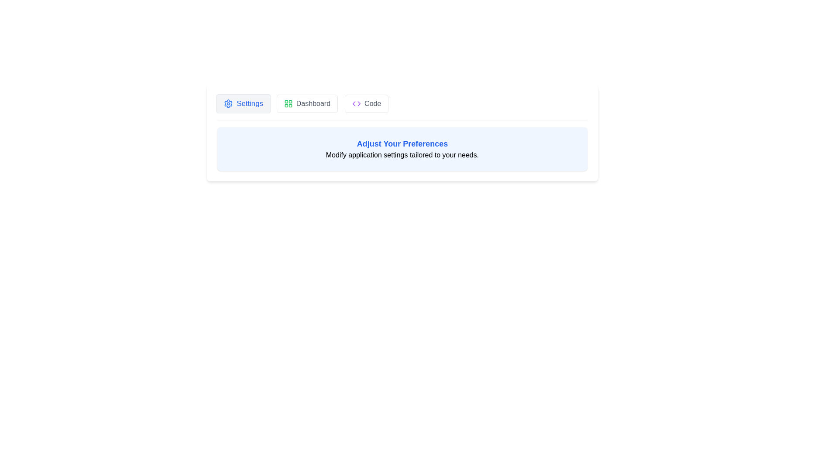 This screenshot has height=471, width=838. I want to click on the active tab's content area, so click(402, 149).